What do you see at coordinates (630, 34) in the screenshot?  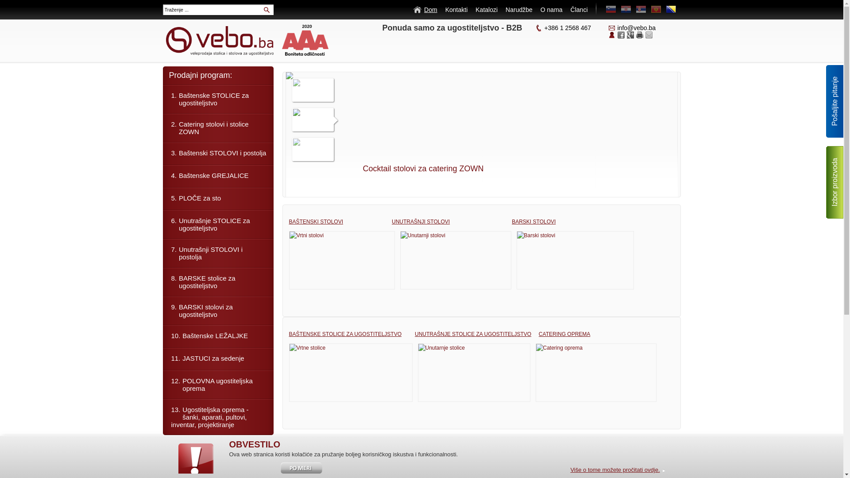 I see `'Google+'` at bounding box center [630, 34].